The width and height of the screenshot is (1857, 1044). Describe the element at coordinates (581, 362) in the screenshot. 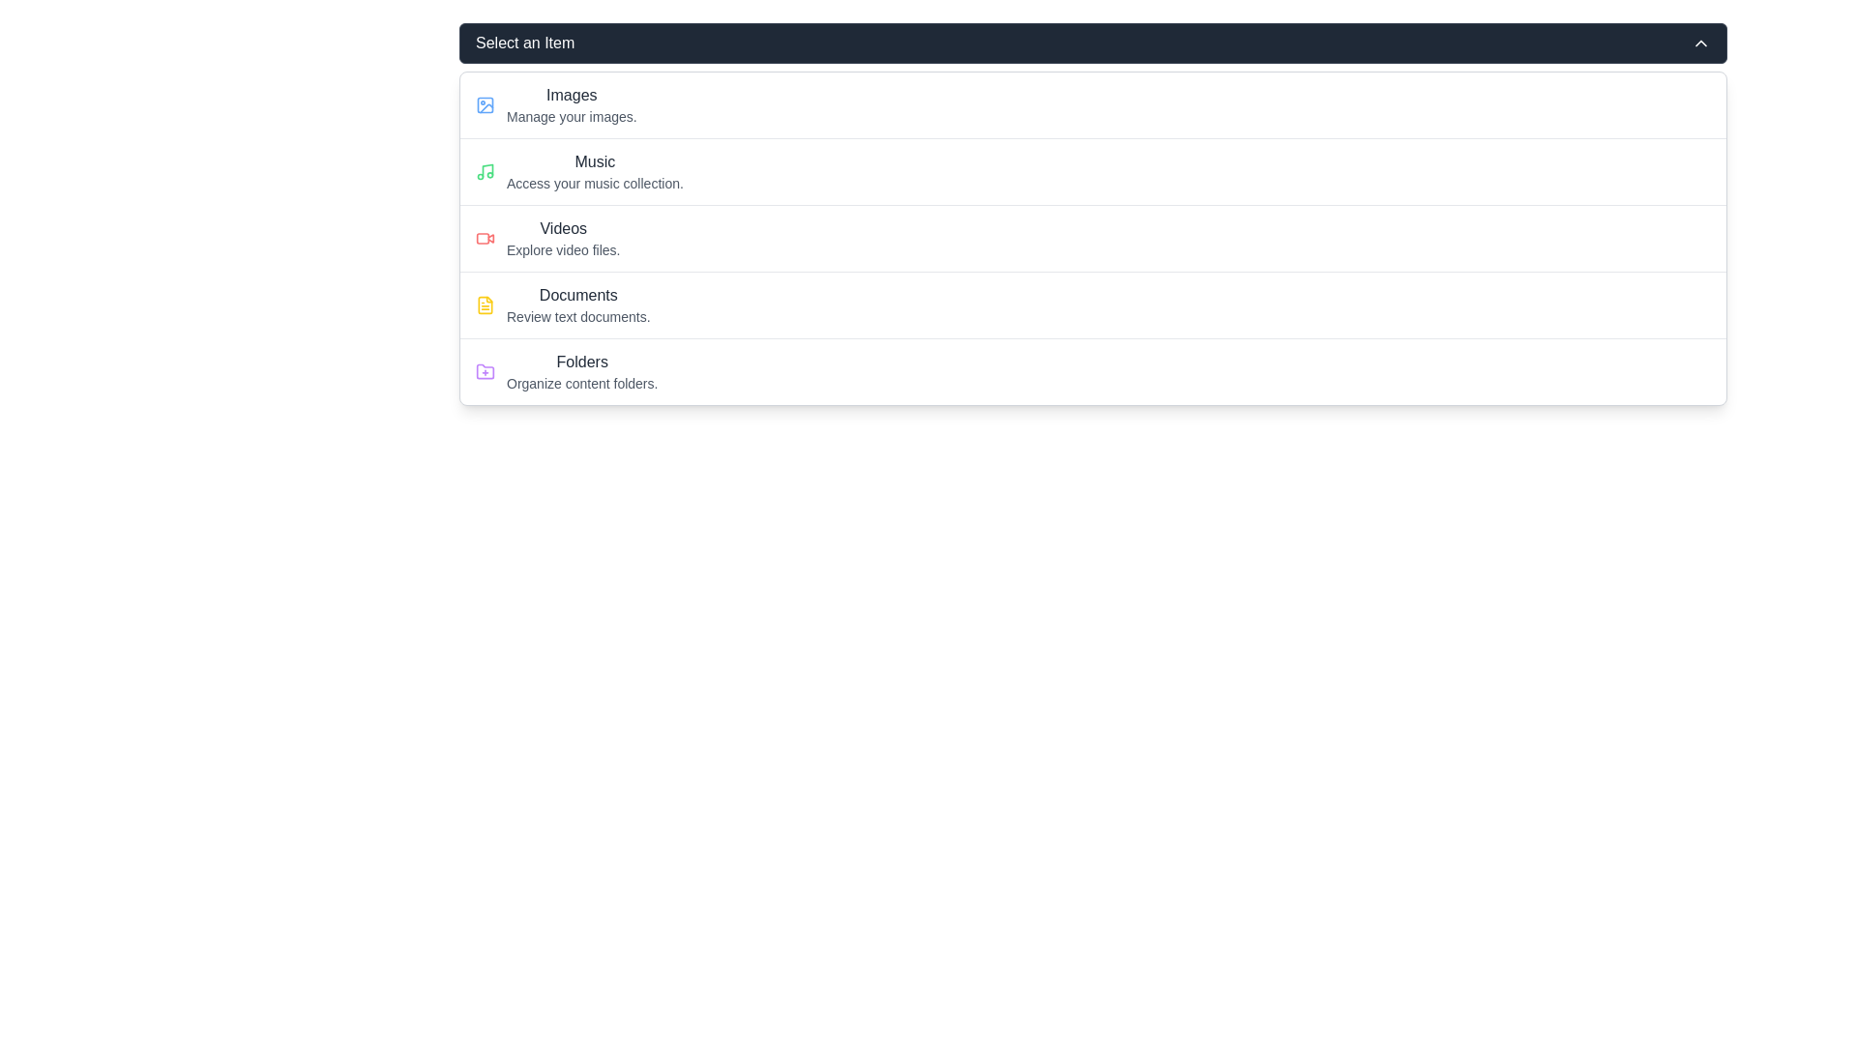

I see `text label that says 'Folders', which is the fifth item in the dropdown menu and is styled professionally in dark gray above the descriptive text 'Organize content folders.'` at that location.